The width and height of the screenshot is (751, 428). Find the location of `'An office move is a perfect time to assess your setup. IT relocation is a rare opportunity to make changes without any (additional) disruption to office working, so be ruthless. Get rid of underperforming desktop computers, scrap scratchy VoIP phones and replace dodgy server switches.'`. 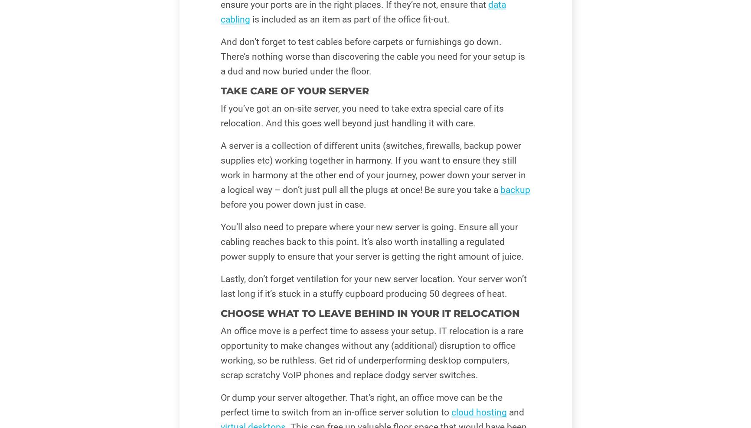

'An office move is a perfect time to assess your setup. IT relocation is a rare opportunity to make changes without any (additional) disruption to office working, so be ruthless. Get rid of underperforming desktop computers, scrap scratchy VoIP phones and replace dodgy server switches.' is located at coordinates (371, 353).